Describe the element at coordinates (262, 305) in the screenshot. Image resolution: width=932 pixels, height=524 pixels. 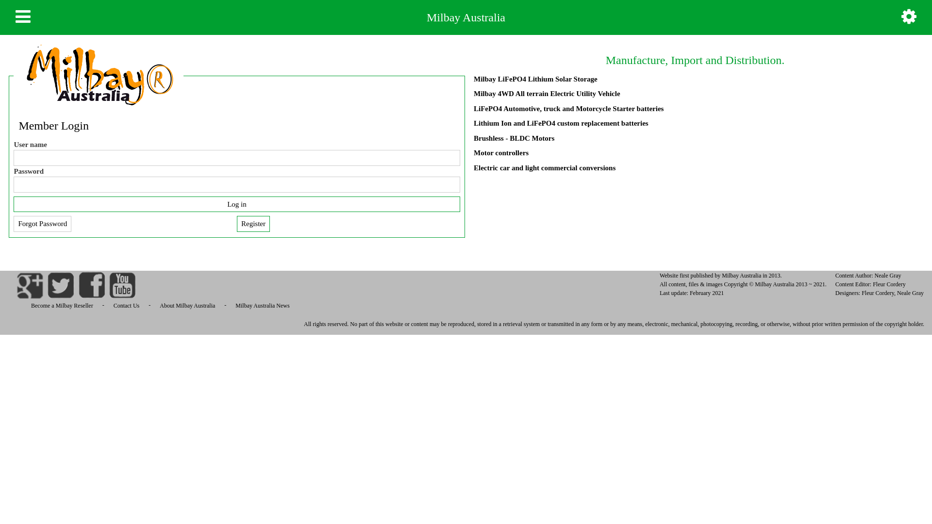
I see `'Milbay Australia News'` at that location.